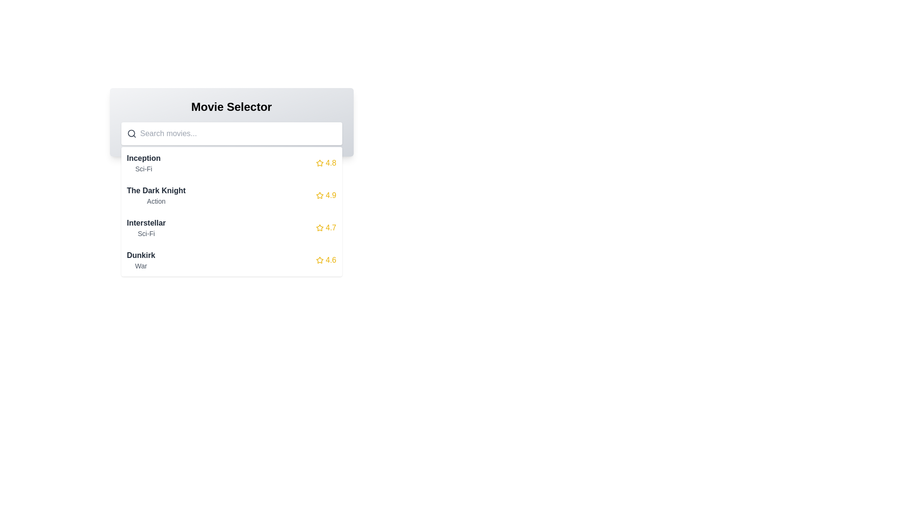 The height and width of the screenshot is (514, 914). Describe the element at coordinates (146, 223) in the screenshot. I see `the main title text label for the movie 'Interstellar' located in the movie selection list` at that location.